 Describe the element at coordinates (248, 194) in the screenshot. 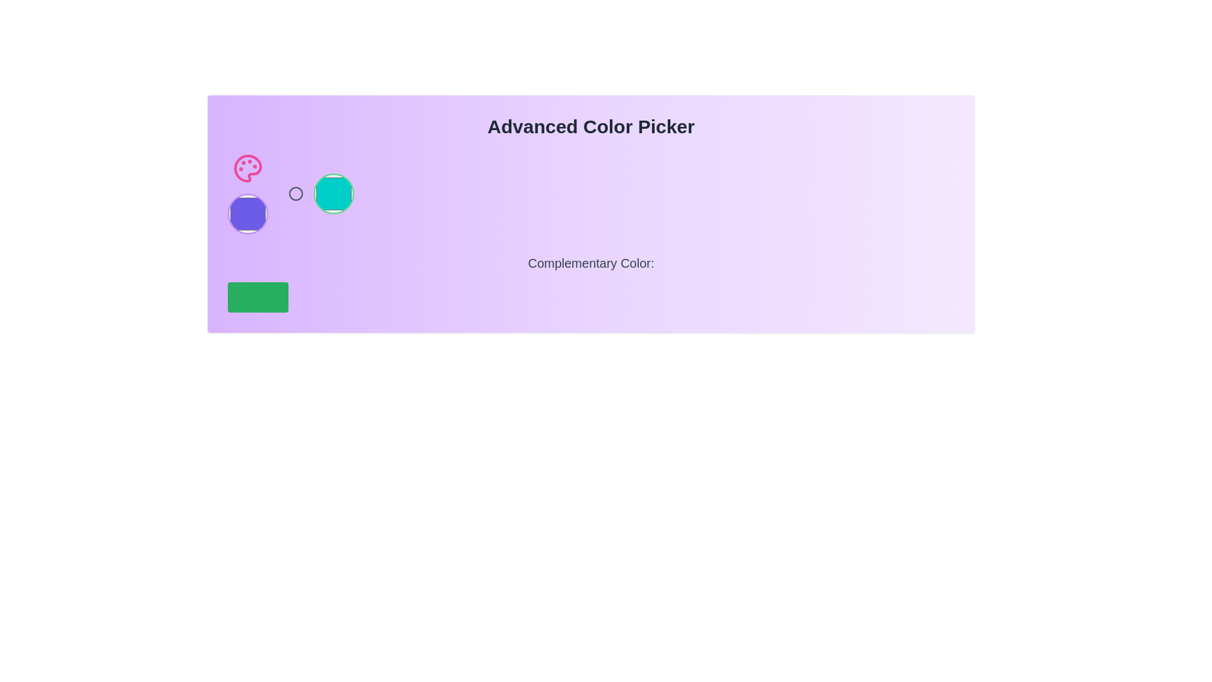

I see `the color selection button, which is the second component in a horizontal group of interactive elements` at that location.